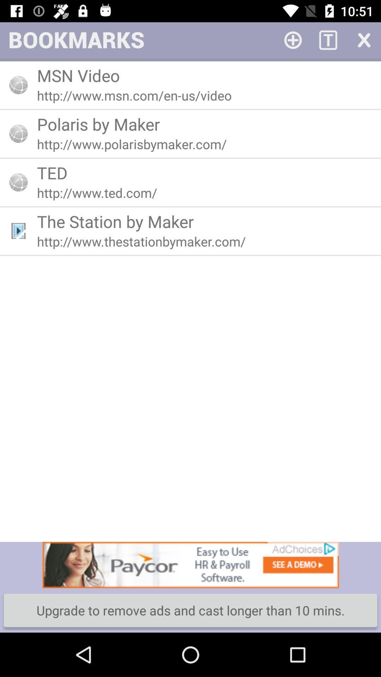 The width and height of the screenshot is (381, 677). I want to click on add bar, so click(293, 39).